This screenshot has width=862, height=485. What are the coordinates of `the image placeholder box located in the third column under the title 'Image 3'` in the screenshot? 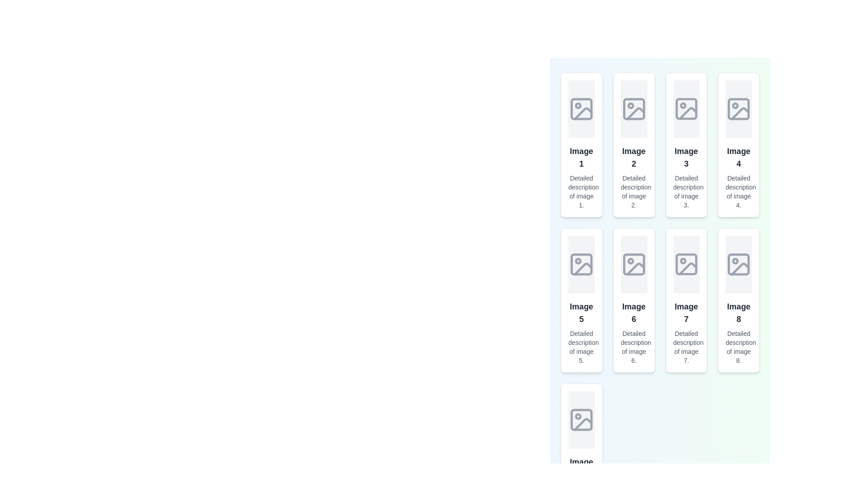 It's located at (686, 109).